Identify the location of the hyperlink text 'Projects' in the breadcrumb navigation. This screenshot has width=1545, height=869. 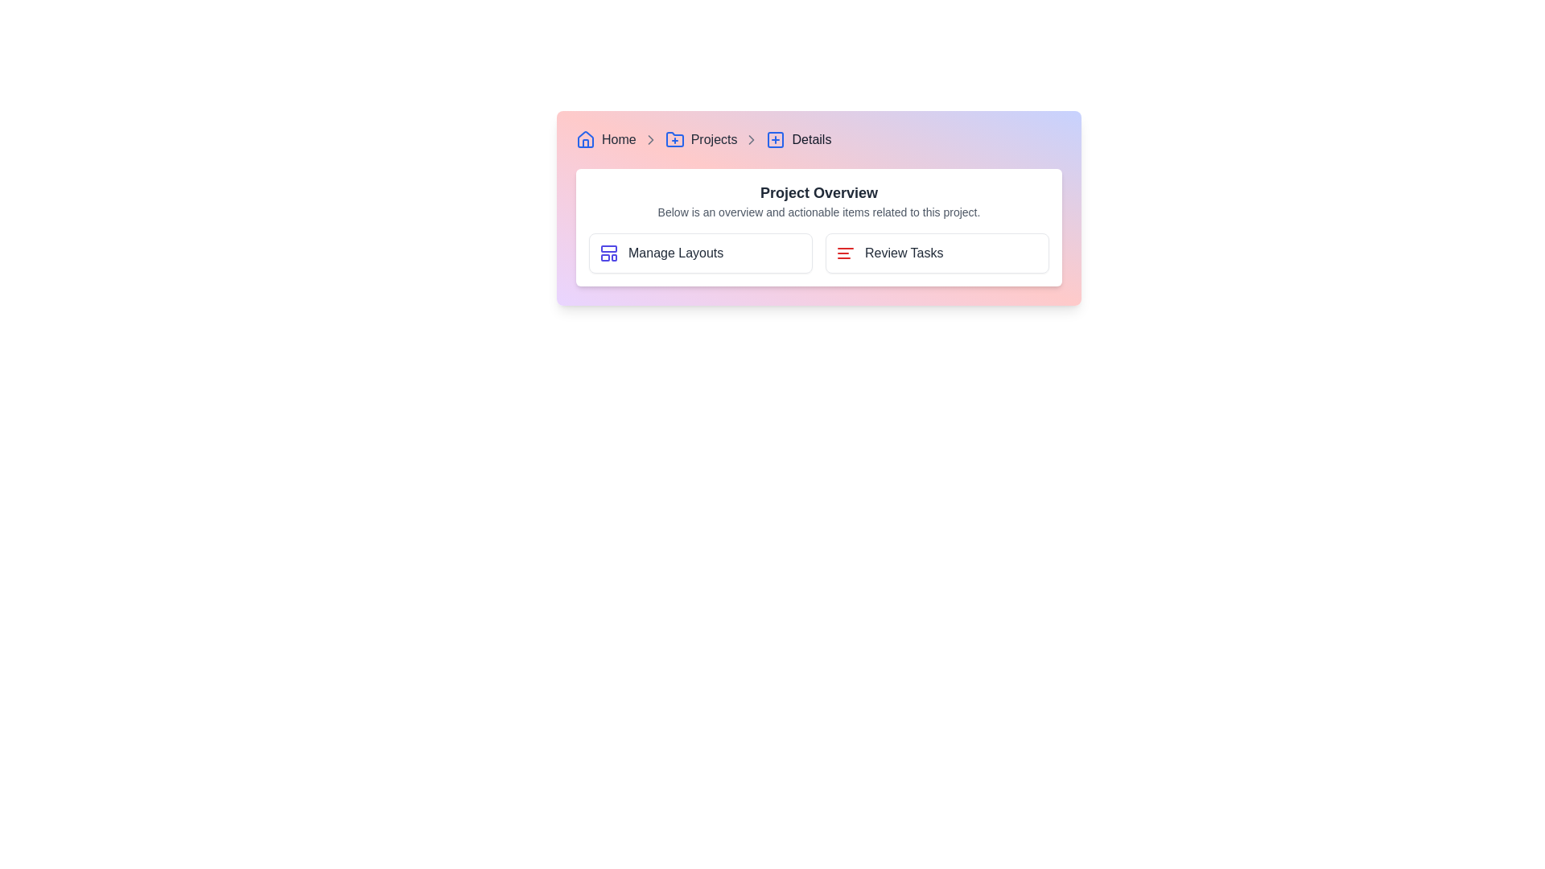
(713, 138).